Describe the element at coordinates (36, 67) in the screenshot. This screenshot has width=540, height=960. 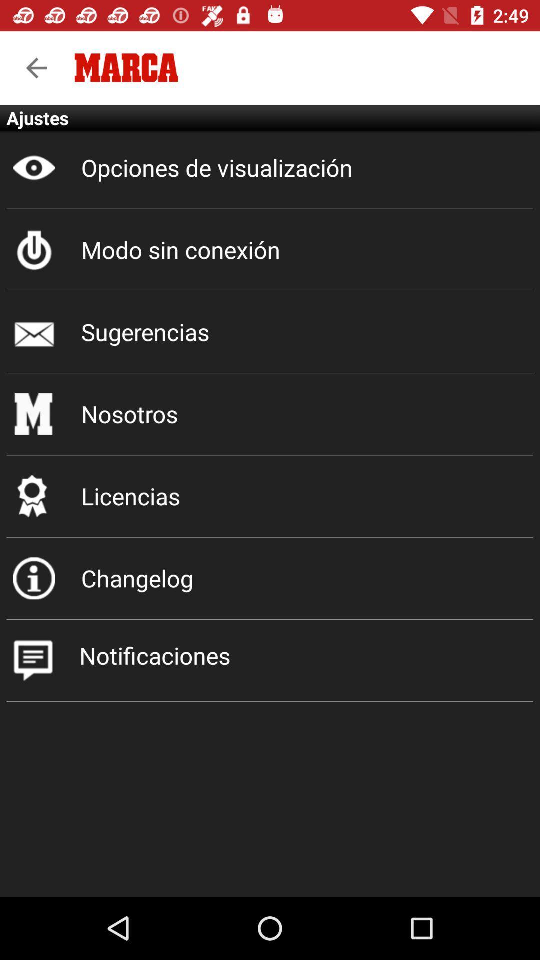
I see `the item above ajustes icon` at that location.